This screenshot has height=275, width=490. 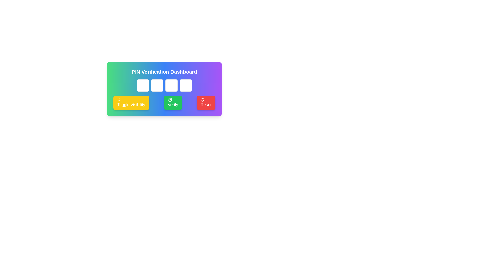 I want to click on the middle button that initiates the verification process, so click(x=173, y=103).